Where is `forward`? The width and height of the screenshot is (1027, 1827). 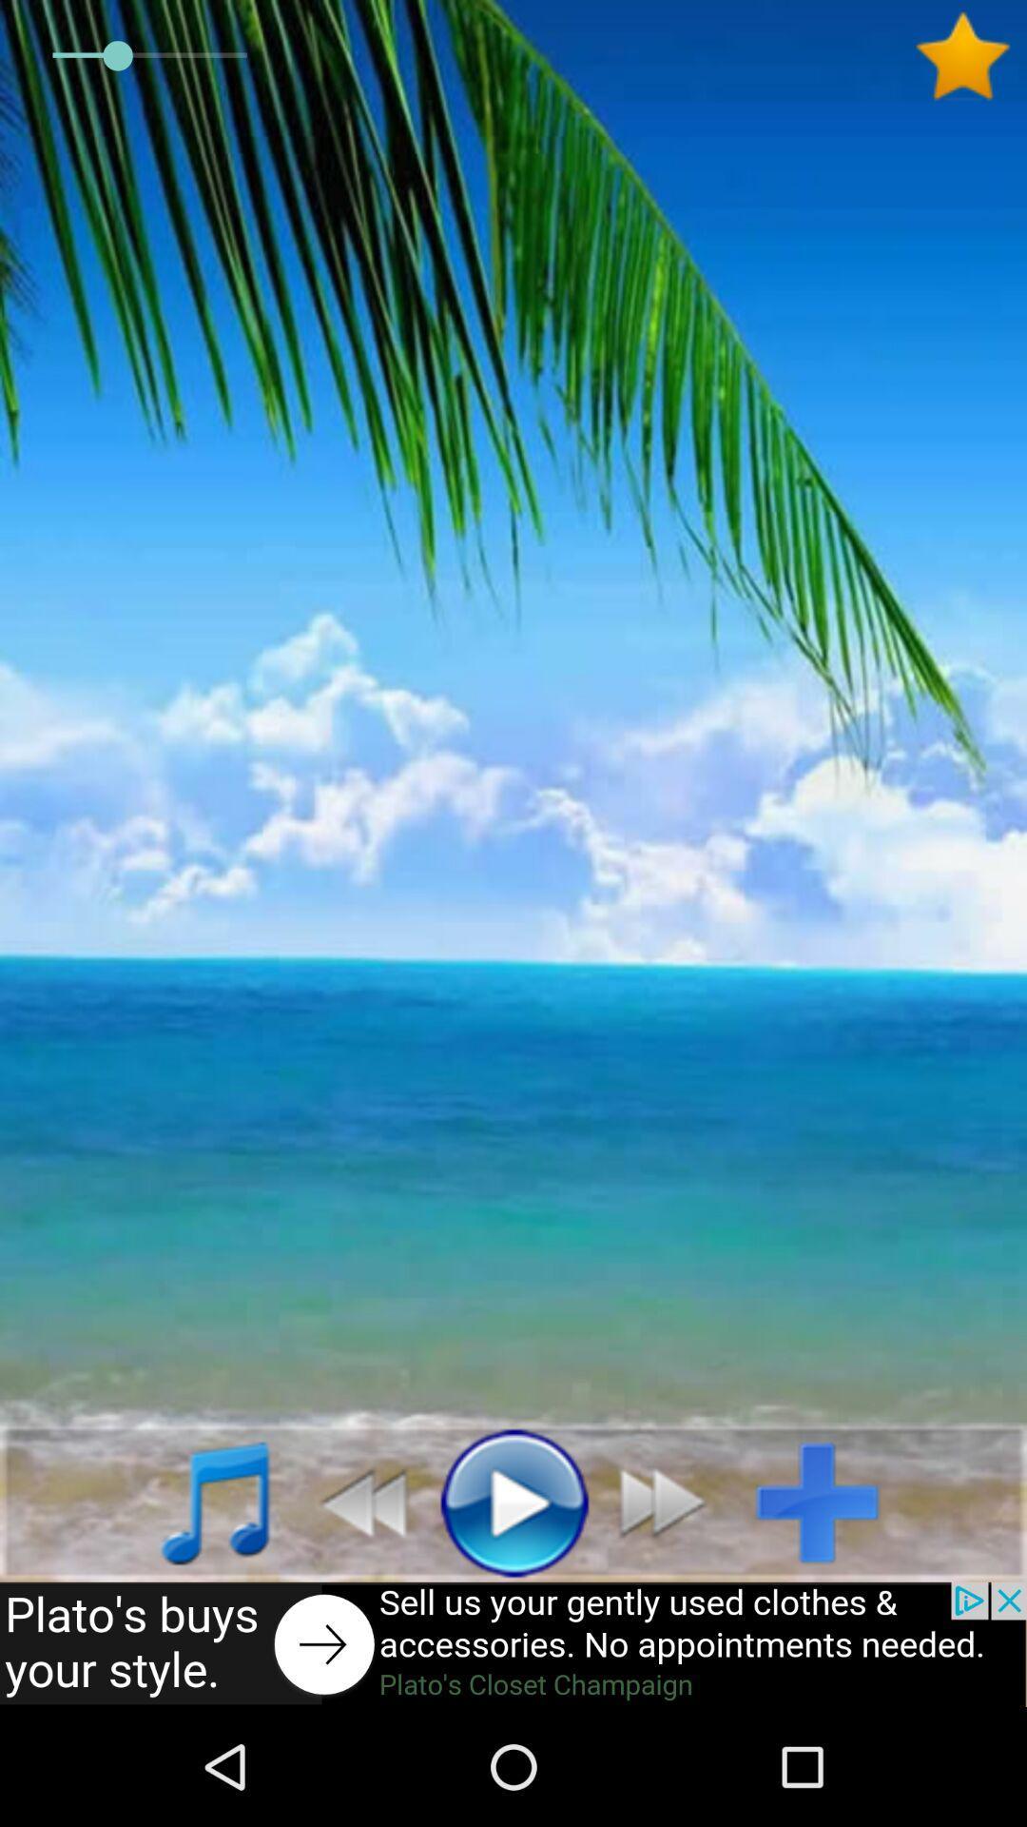
forward is located at coordinates (672, 1501).